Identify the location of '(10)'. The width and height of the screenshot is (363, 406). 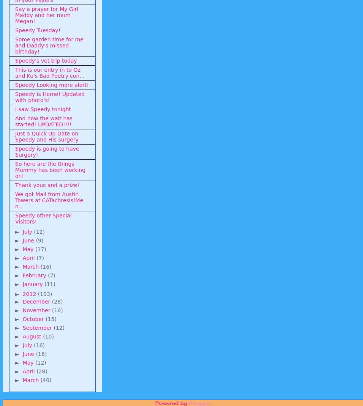
(48, 336).